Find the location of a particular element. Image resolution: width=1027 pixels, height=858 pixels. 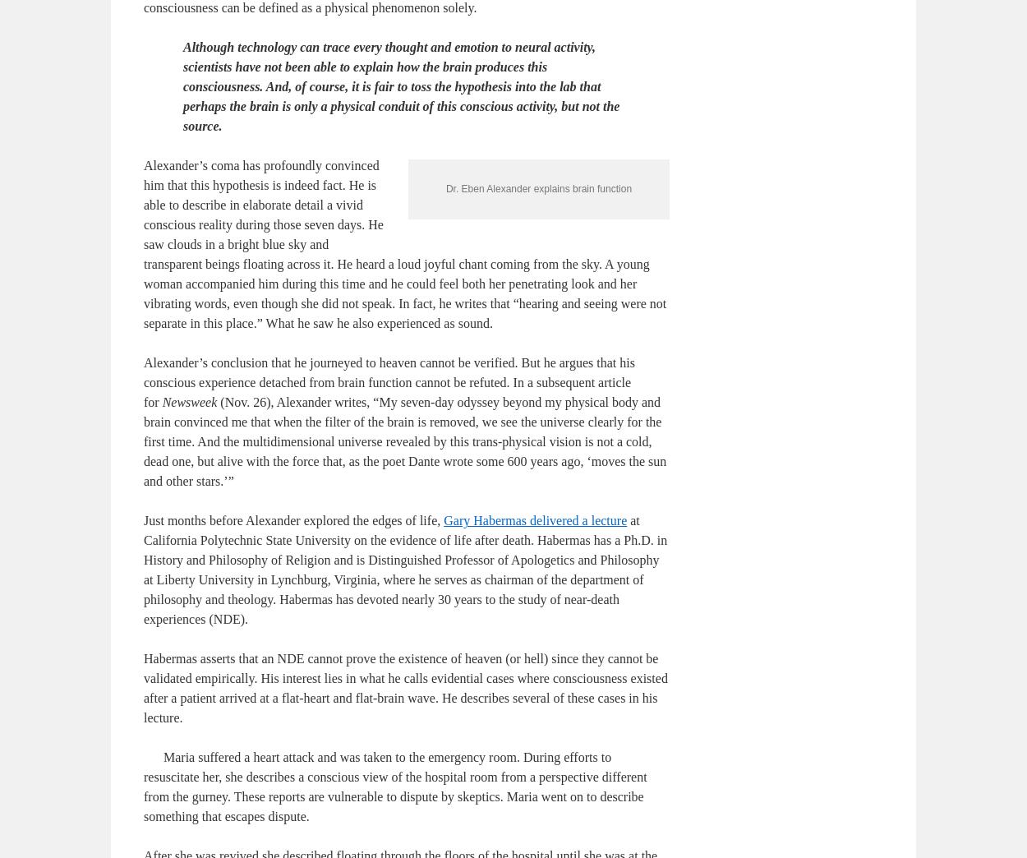

'Although technology can trace every thought and emotion to neural activity, scientists have not been able to explain how the brain produces this consciousness. And, of course, it is fair to toss the hypothesis into the lab that perhaps the brain is only a physical conduit of this conscious activity, but not the source.' is located at coordinates (400, 165).